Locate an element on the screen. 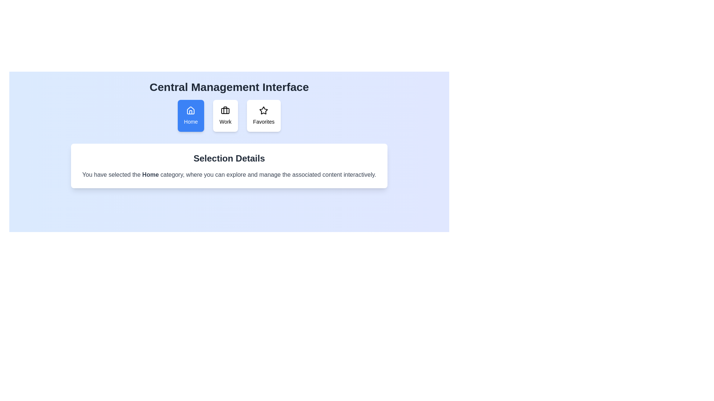 Image resolution: width=714 pixels, height=401 pixels. heading 'Central Management Interface' which is a large, bold-text element positioned at the top of the interface, preceding action buttons is located at coordinates (229, 87).